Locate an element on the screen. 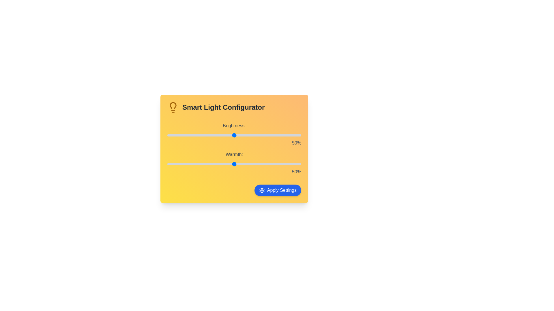 The image size is (554, 311). the range slider labeled 'Brightness:' which has a current value display of '50%' and is located above the 'Warmth' section is located at coordinates (234, 134).